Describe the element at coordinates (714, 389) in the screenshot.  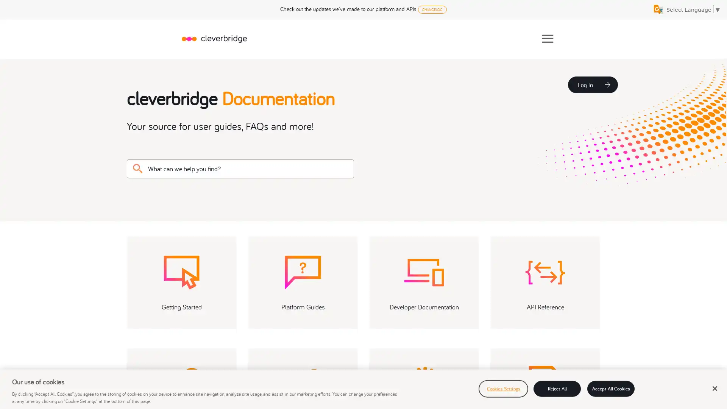
I see `Close` at that location.